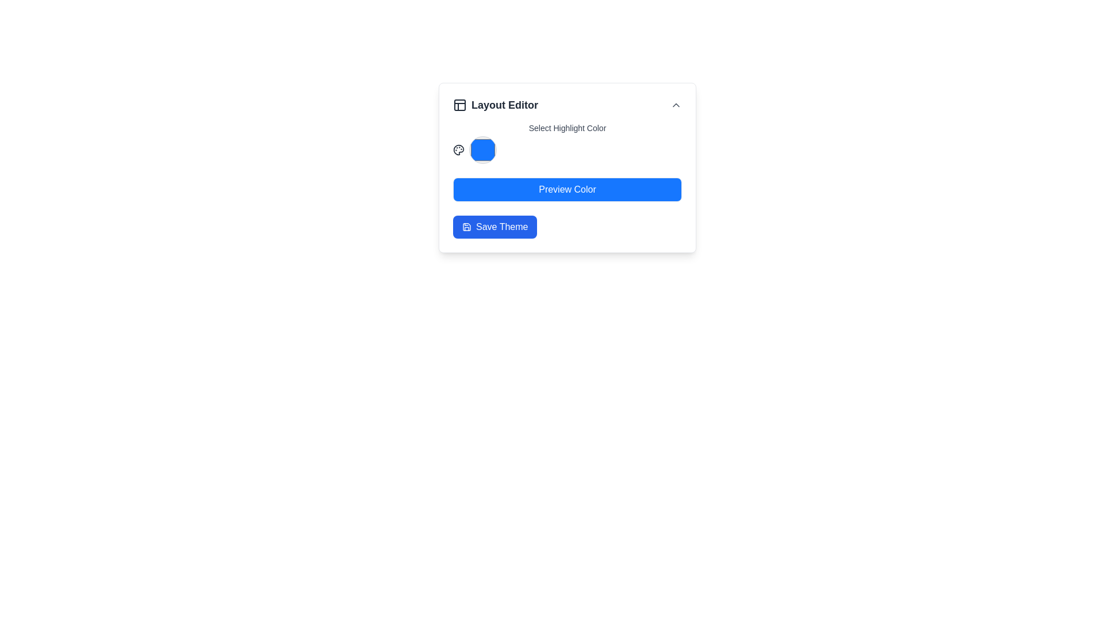 Image resolution: width=1104 pixels, height=621 pixels. I want to click on the static informational block with a blue background and rounded corners displaying 'Preview Color', so click(568, 189).